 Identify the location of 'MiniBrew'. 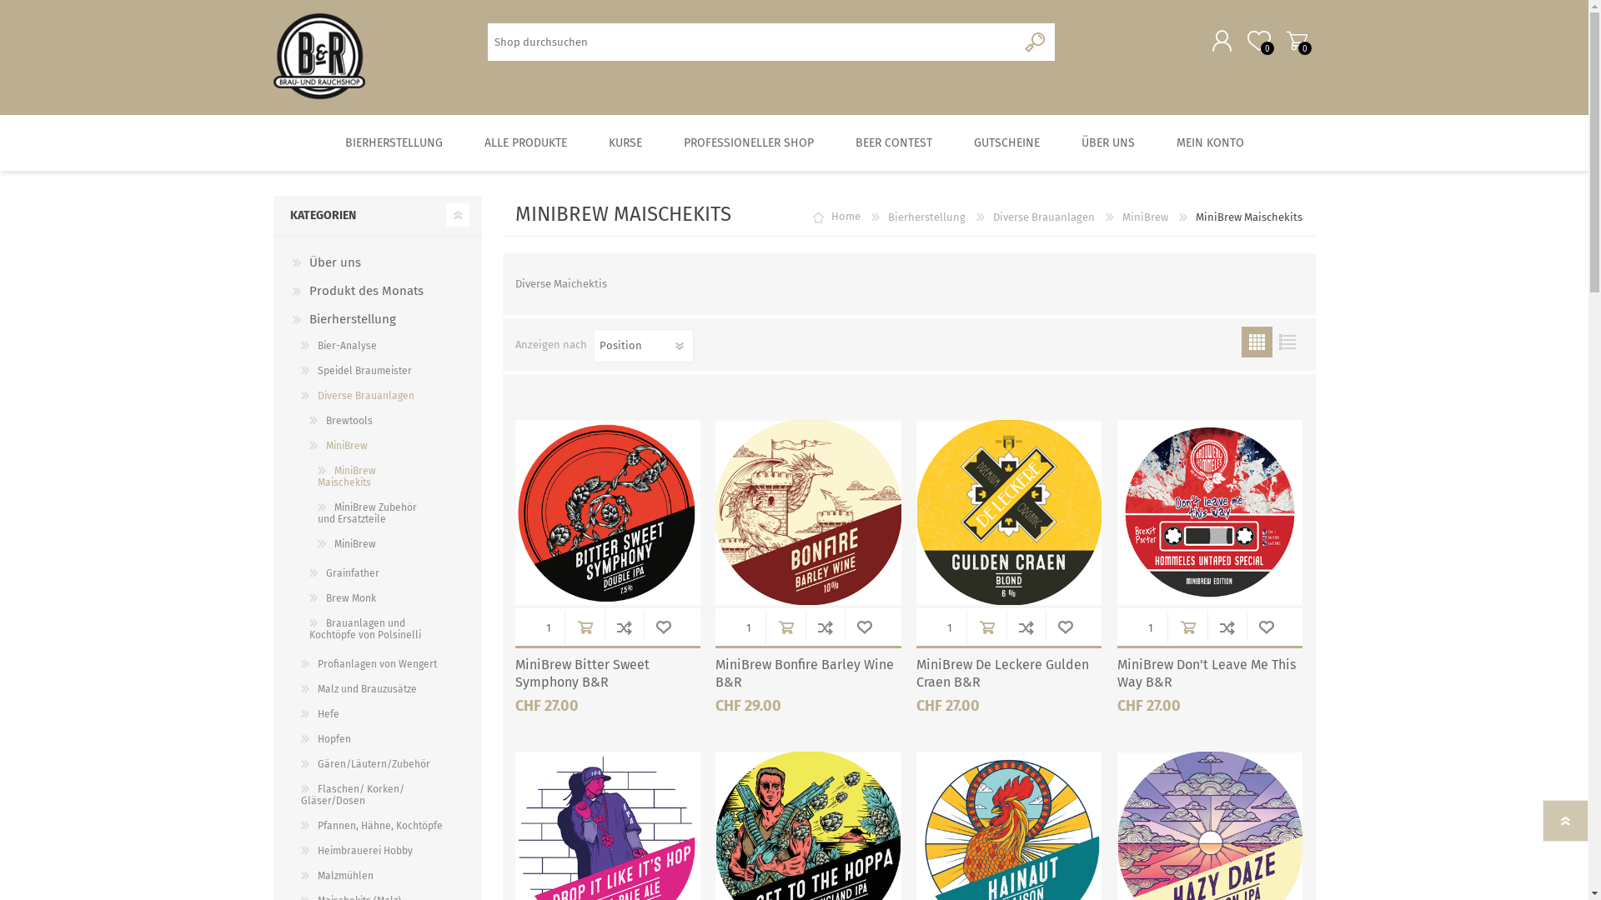
(346, 543).